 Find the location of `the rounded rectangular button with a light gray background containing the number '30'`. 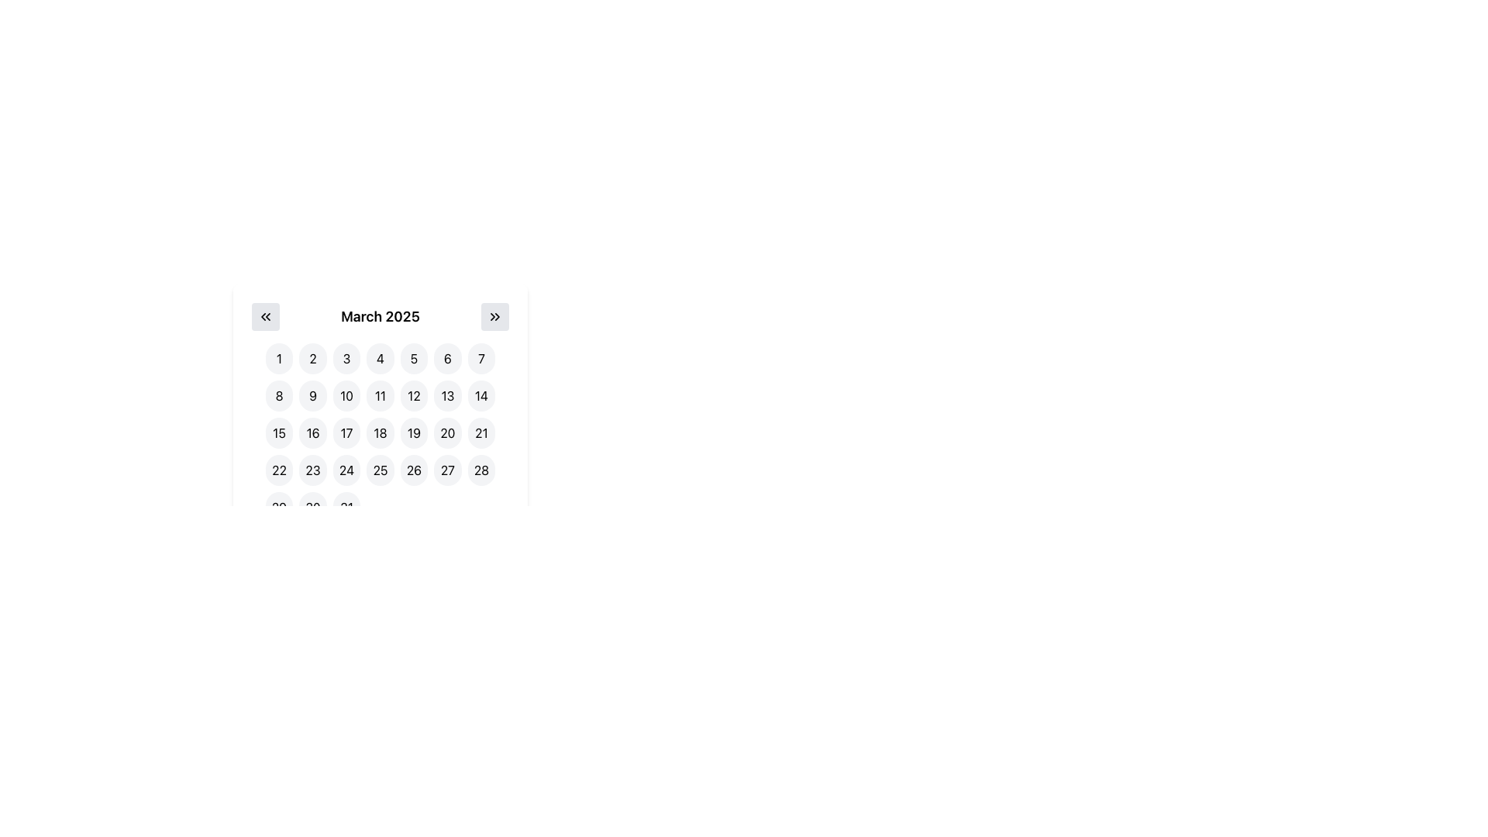

the rounded rectangular button with a light gray background containing the number '30' is located at coordinates (312, 508).